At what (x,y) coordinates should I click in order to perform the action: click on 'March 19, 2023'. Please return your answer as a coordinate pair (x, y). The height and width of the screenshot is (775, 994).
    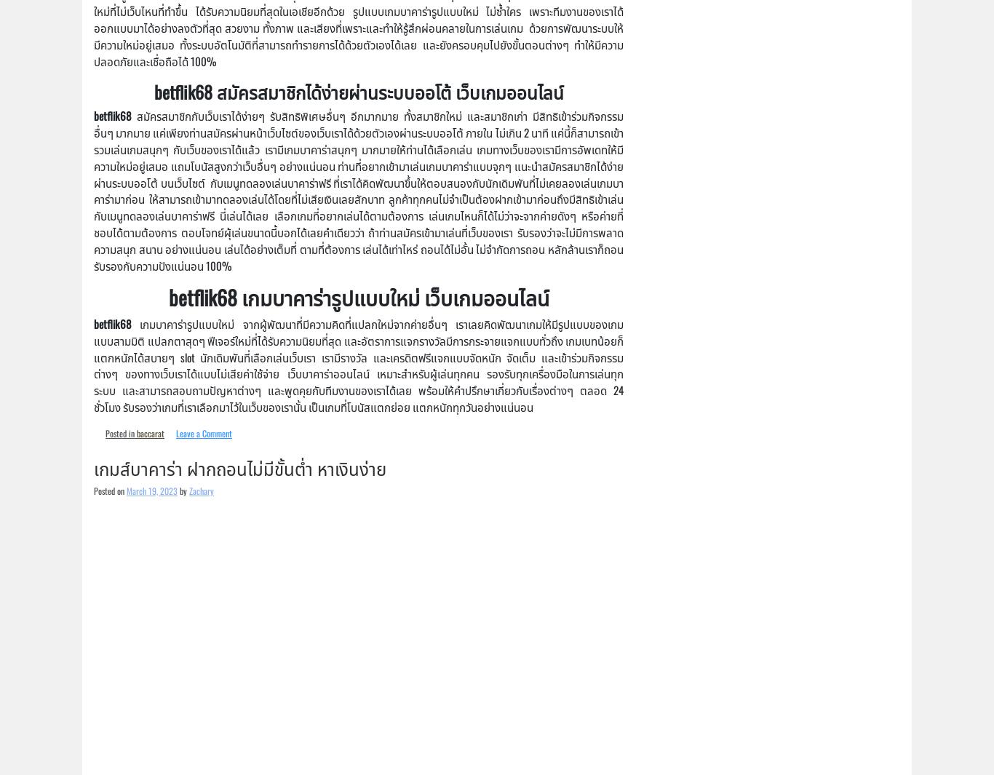
    Looking at the image, I should click on (151, 490).